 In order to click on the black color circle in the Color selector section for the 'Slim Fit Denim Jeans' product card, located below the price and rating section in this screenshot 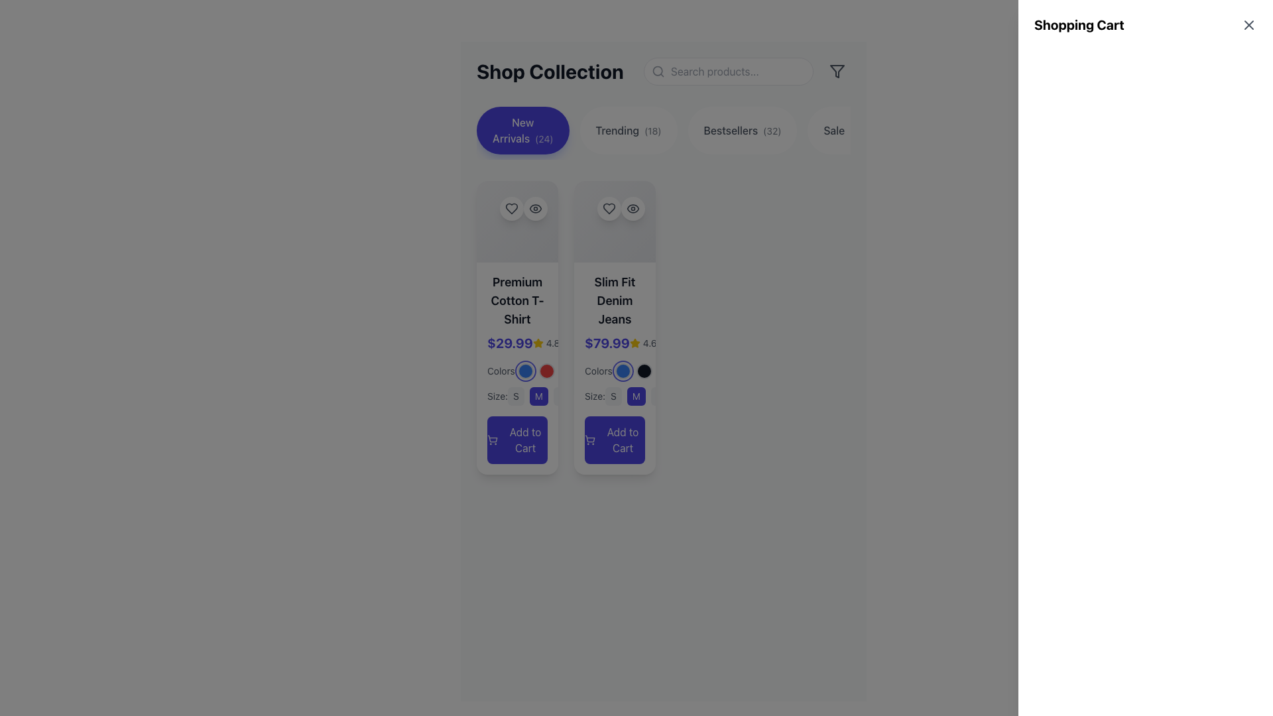, I will do `click(614, 371)`.